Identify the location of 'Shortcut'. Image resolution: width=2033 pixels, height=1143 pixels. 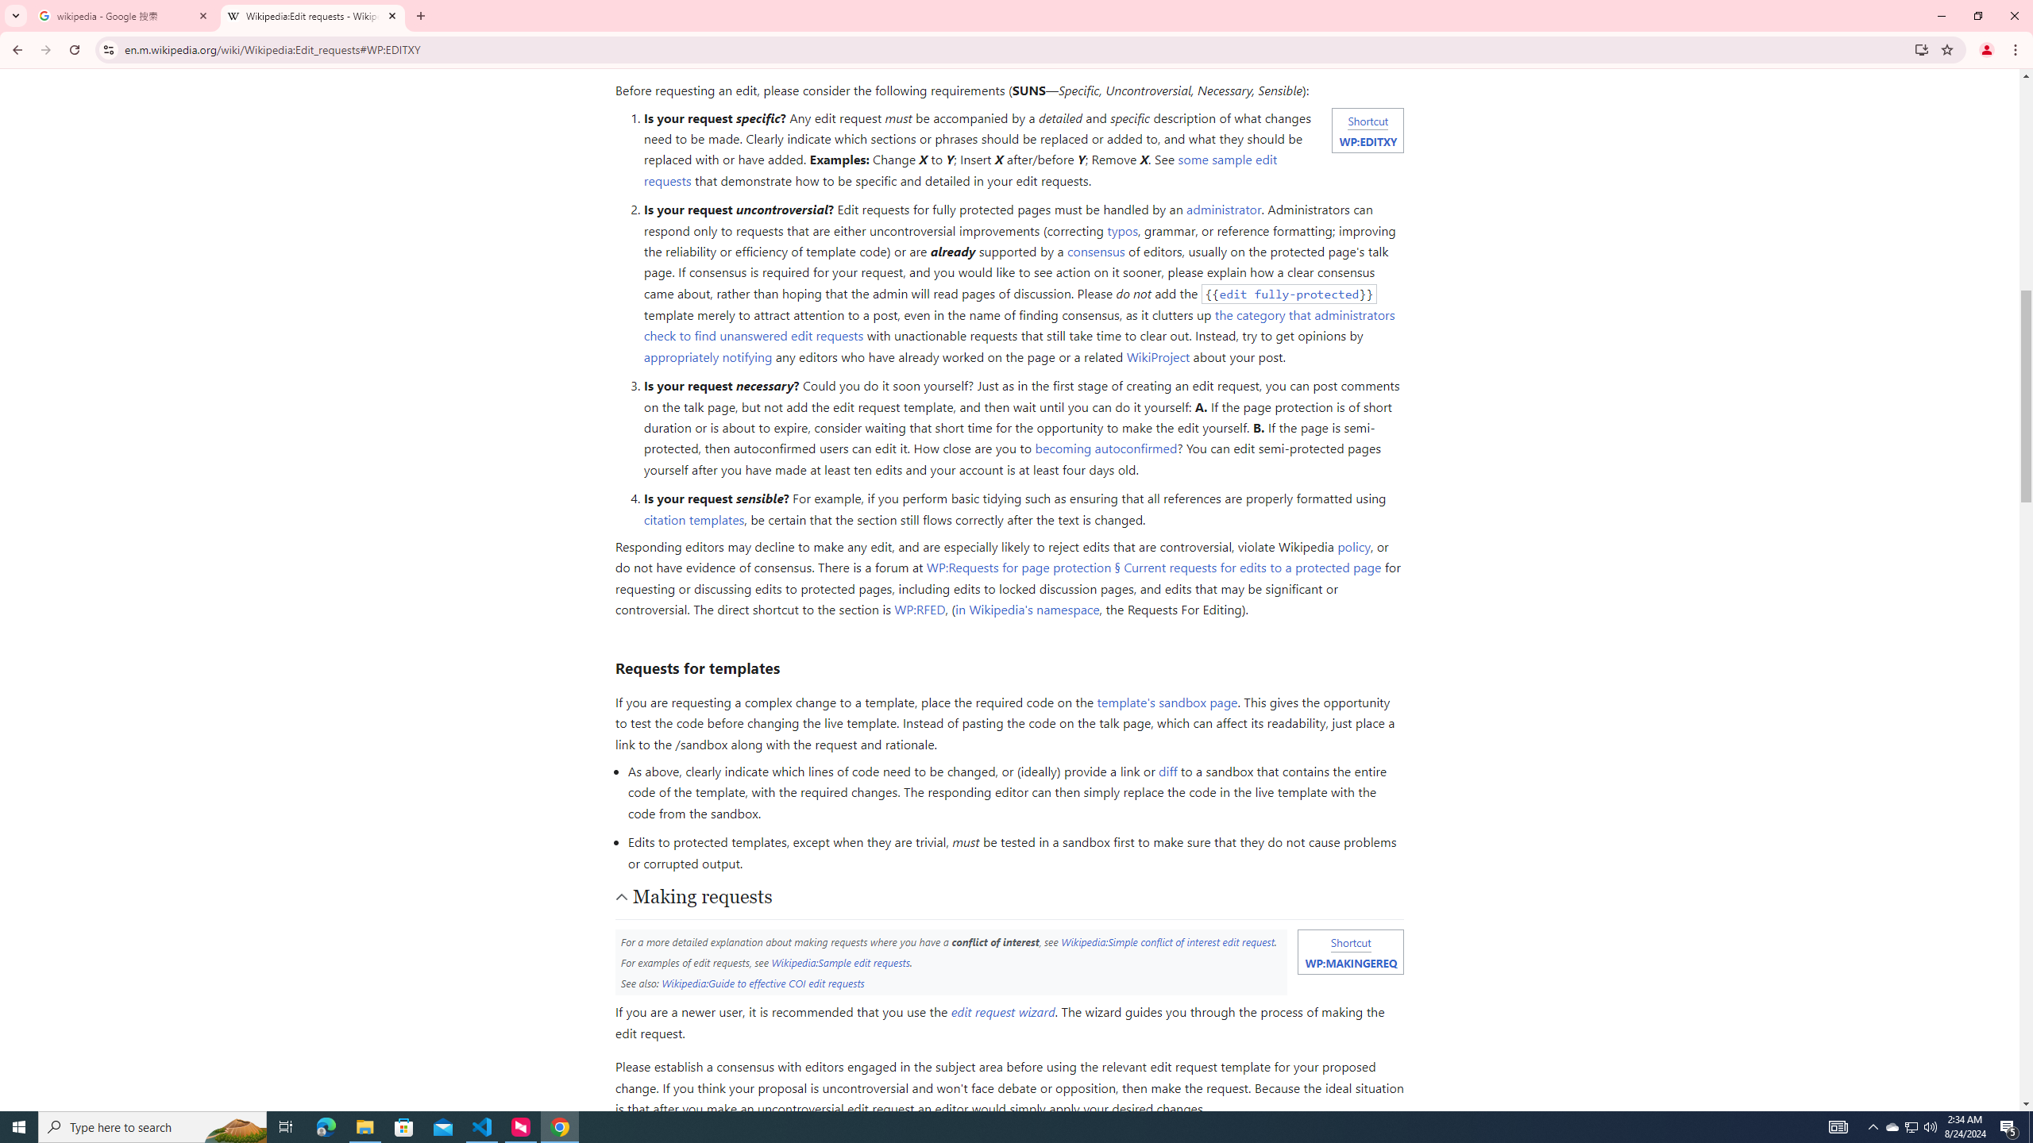
(1350, 942).